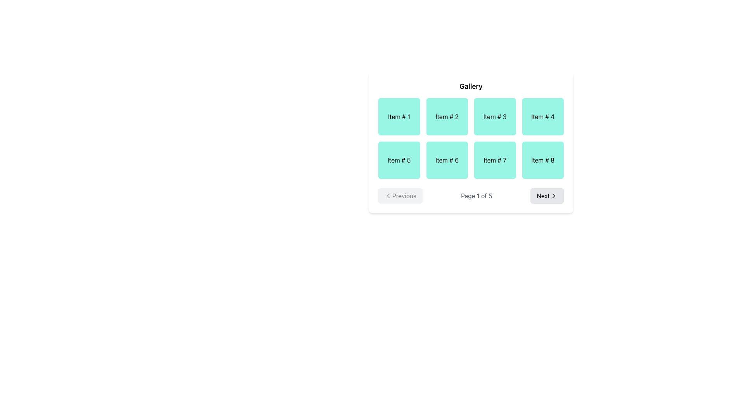 This screenshot has height=419, width=745. What do you see at coordinates (471, 138) in the screenshot?
I see `the grid layout items in the Gallery for interactivity, which is visually represented by the organized grid of 8 listed items` at bounding box center [471, 138].